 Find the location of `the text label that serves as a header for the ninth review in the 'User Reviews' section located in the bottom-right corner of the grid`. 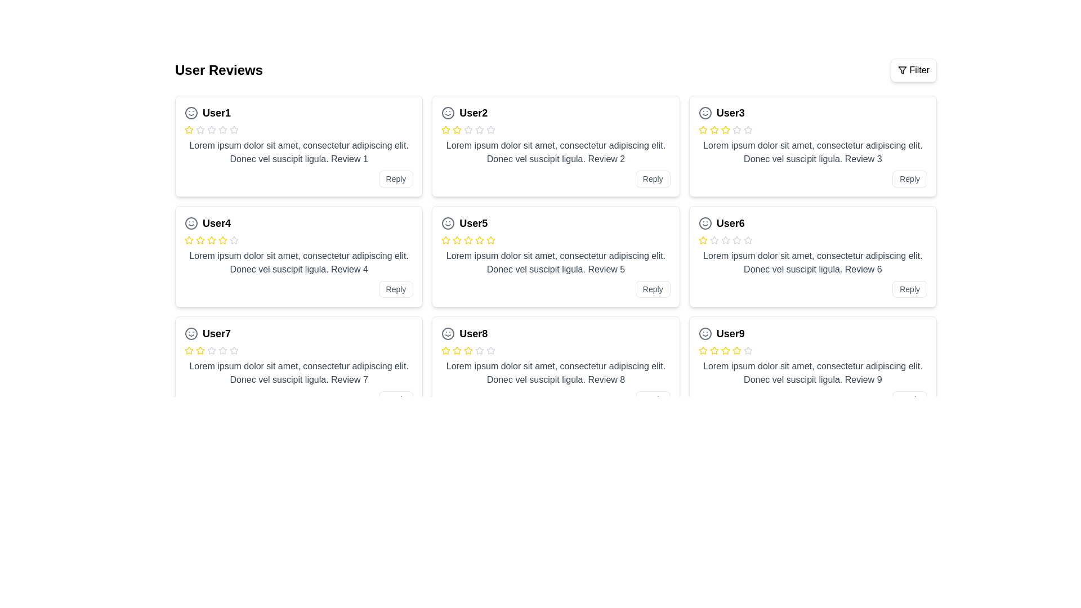

the text label that serves as a header for the ninth review in the 'User Reviews' section located in the bottom-right corner of the grid is located at coordinates (730, 333).